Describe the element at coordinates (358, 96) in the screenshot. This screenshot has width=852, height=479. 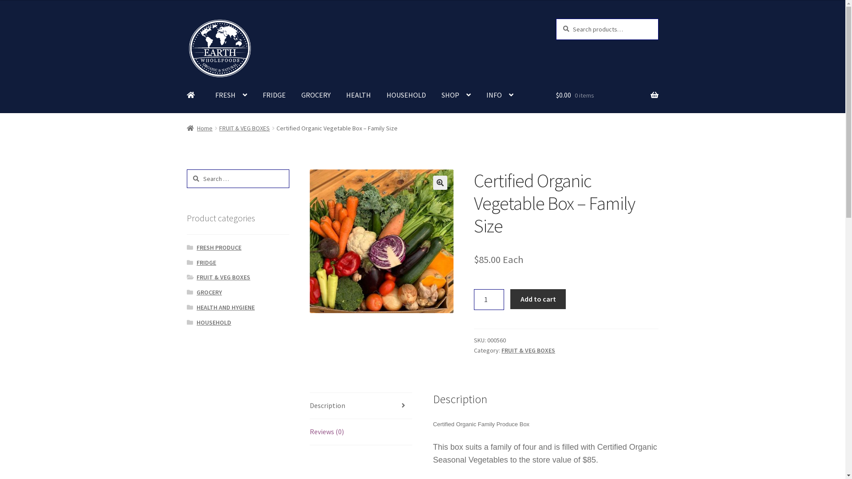
I see `'HEALTH'` at that location.